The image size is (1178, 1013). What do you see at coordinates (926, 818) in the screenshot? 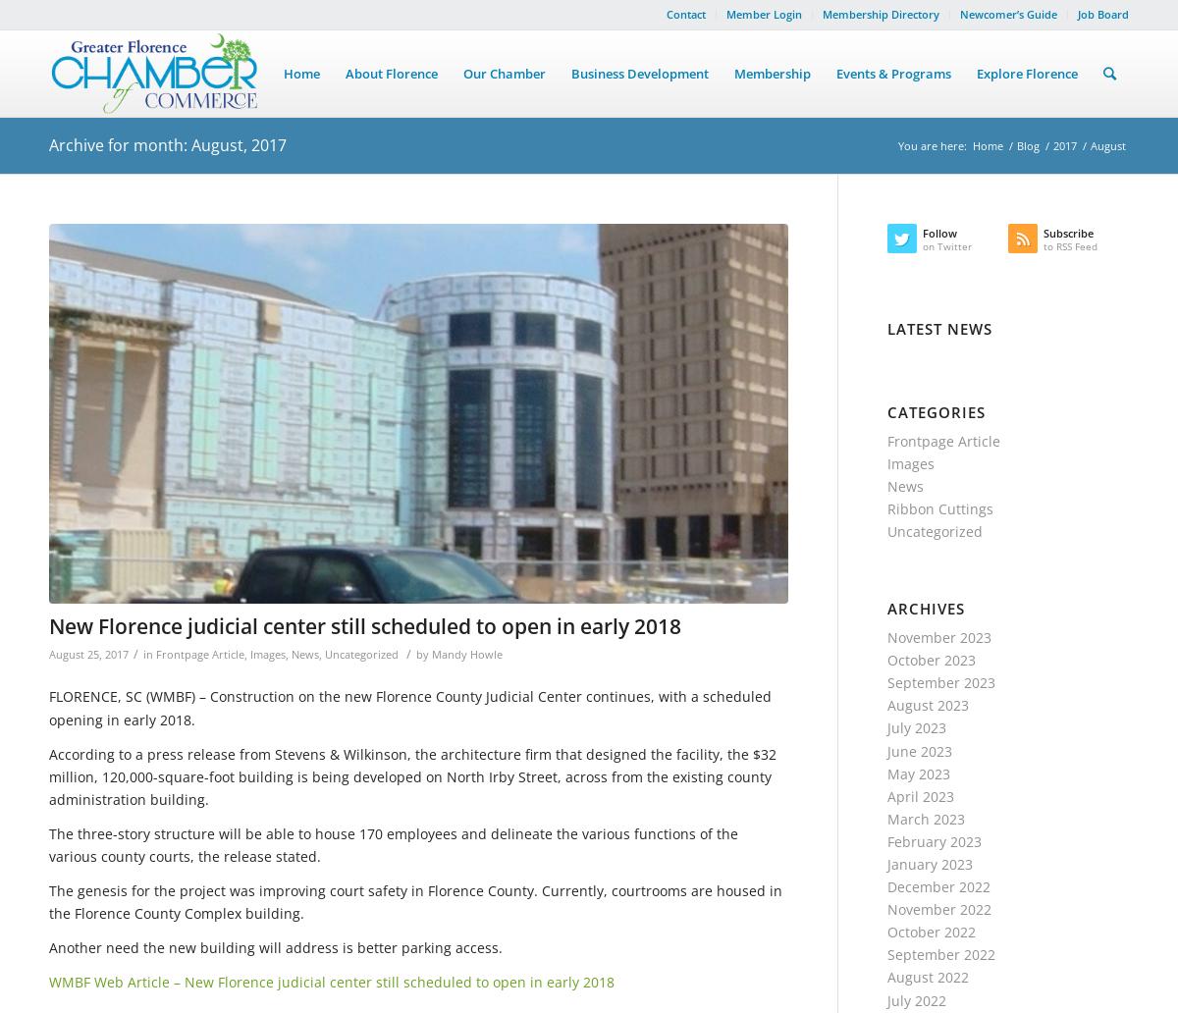
I see `'March 2023'` at bounding box center [926, 818].